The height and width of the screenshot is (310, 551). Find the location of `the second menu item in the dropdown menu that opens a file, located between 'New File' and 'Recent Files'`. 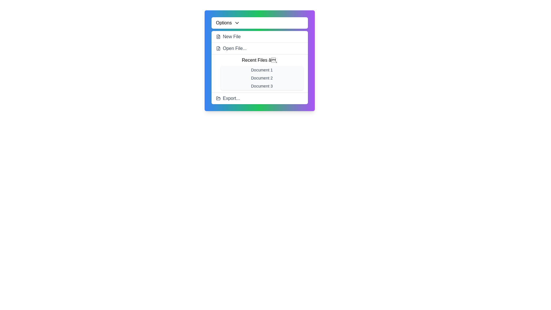

the second menu item in the dropdown menu that opens a file, located between 'New File' and 'Recent Files' is located at coordinates (259, 48).